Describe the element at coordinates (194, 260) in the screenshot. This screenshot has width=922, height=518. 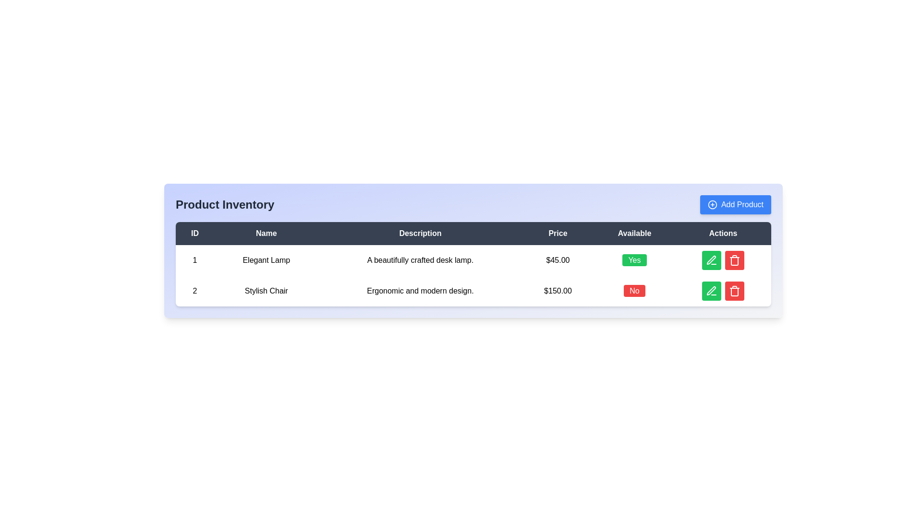
I see `the first table cell that displays the ID value of the first item in the inventory, which is located in the first row under the 'ID' column` at that location.